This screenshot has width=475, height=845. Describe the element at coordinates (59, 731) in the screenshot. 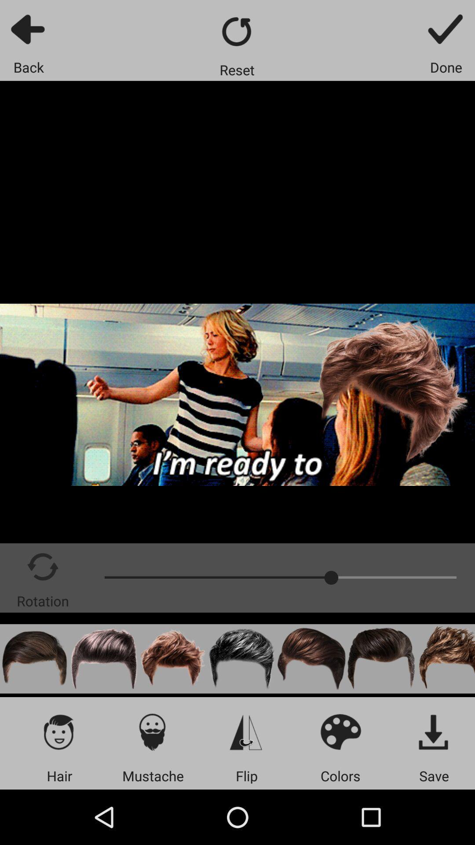

I see `the item above hair icon` at that location.